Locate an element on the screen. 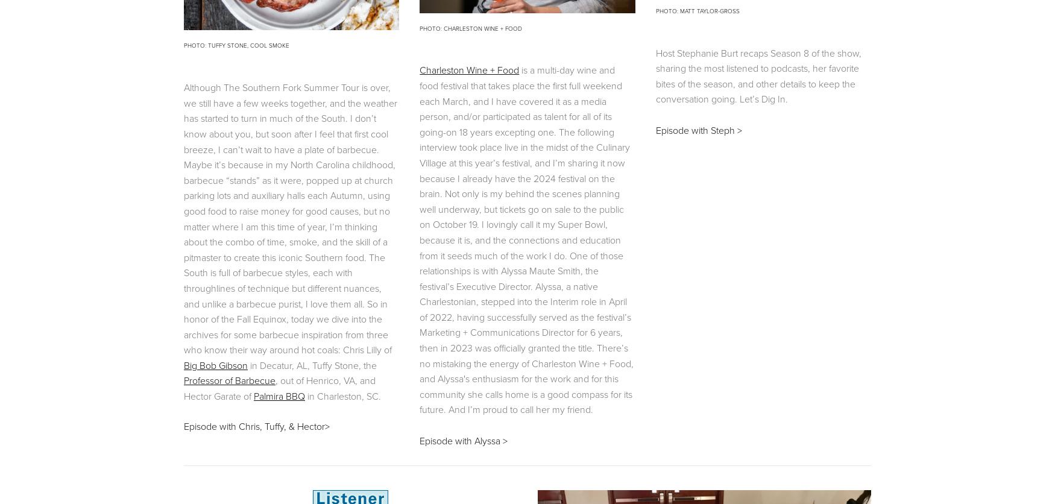  'is a multi-day wine and food festival that takes place the first full weekend each March, and I have covered it as a media person, and/or participated as talent for all of its going-on 18 years excepting one. The following interview took place live in the midst of the Culinary Village at this year’s festival, and I’m sharing it now because I already have the 2024 festival on the brain. Not only is my behind the scenes planning well underway, but tickets go on sale to the public on October 19. I lovingly call it my Super Bowl, because it is, and the connections and education from it seeds much of the work I do. One of those relationships is with Alyssa Maute Smith, the festival’s Executive Director. Alyssa, a native Charlestonian, stepped into the Interim role in April of 2022, having successfully served as the festival’s Marketing + Communications Director for 6 years, then in 2023 was officially granted the title. There’s no mistaking the energy of Charleston Wine + Food, and Alyssa's enthusiasm for the work and for this community she calls home is a good compass for its future. And I’m proud to call her my friend.' is located at coordinates (527, 239).